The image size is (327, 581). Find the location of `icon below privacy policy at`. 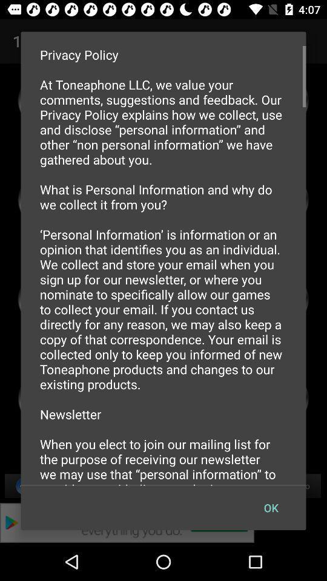

icon below privacy policy at is located at coordinates (271, 508).